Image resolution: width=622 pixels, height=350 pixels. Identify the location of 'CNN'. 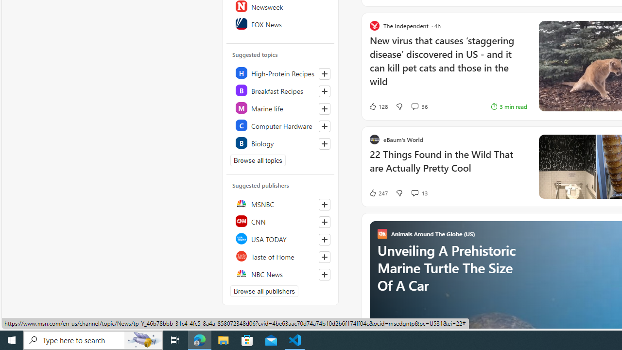
(280, 221).